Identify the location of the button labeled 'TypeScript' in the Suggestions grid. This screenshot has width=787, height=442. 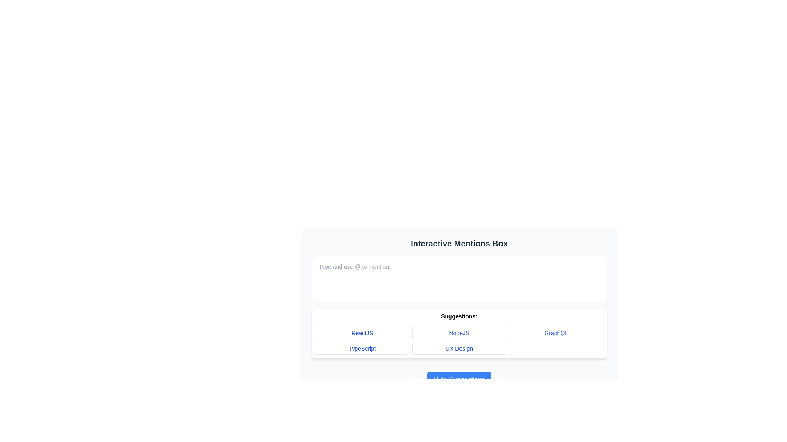
(362, 349).